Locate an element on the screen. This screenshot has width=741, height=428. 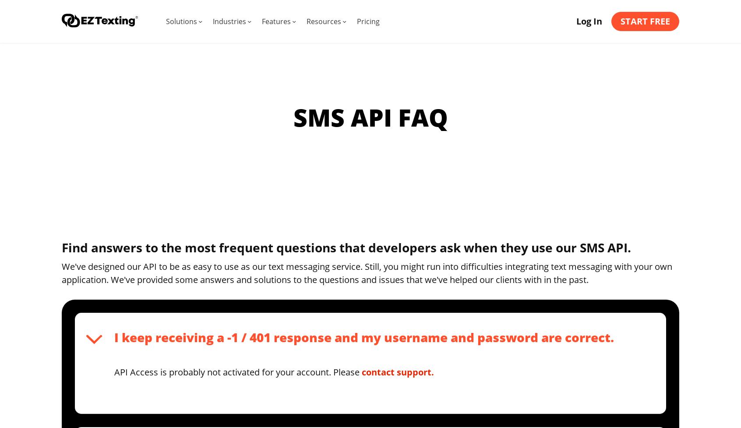
'We've designed our API to be as easy to use as our text messaging service. Still, you might run into difficulties integrating text messaging with your own application. We've provided some answers and solutions to the questions and issues that we've helped our clients with in the past.' is located at coordinates (367, 272).